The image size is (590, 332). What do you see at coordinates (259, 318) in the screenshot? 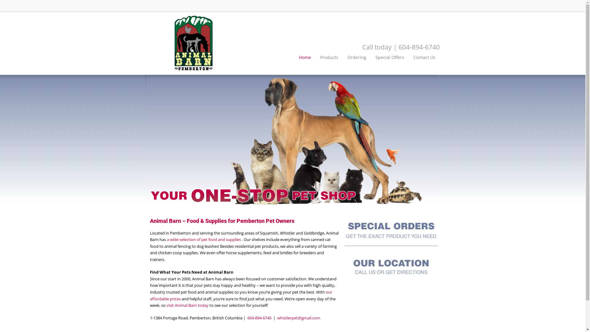
I see `'604-894-6740'` at bounding box center [259, 318].